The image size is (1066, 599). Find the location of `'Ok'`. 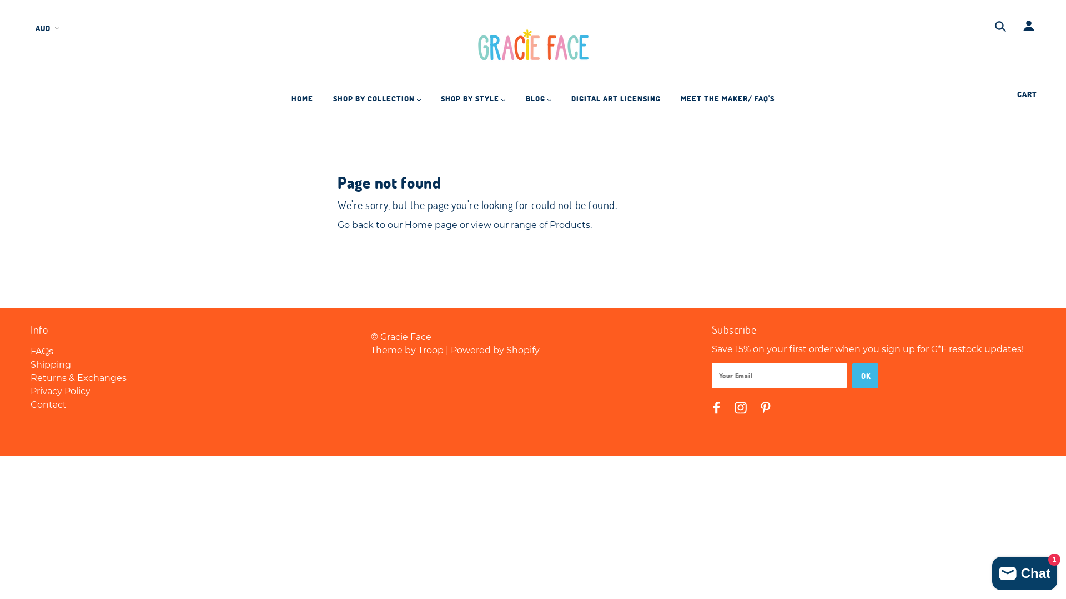

'Ok' is located at coordinates (852, 375).